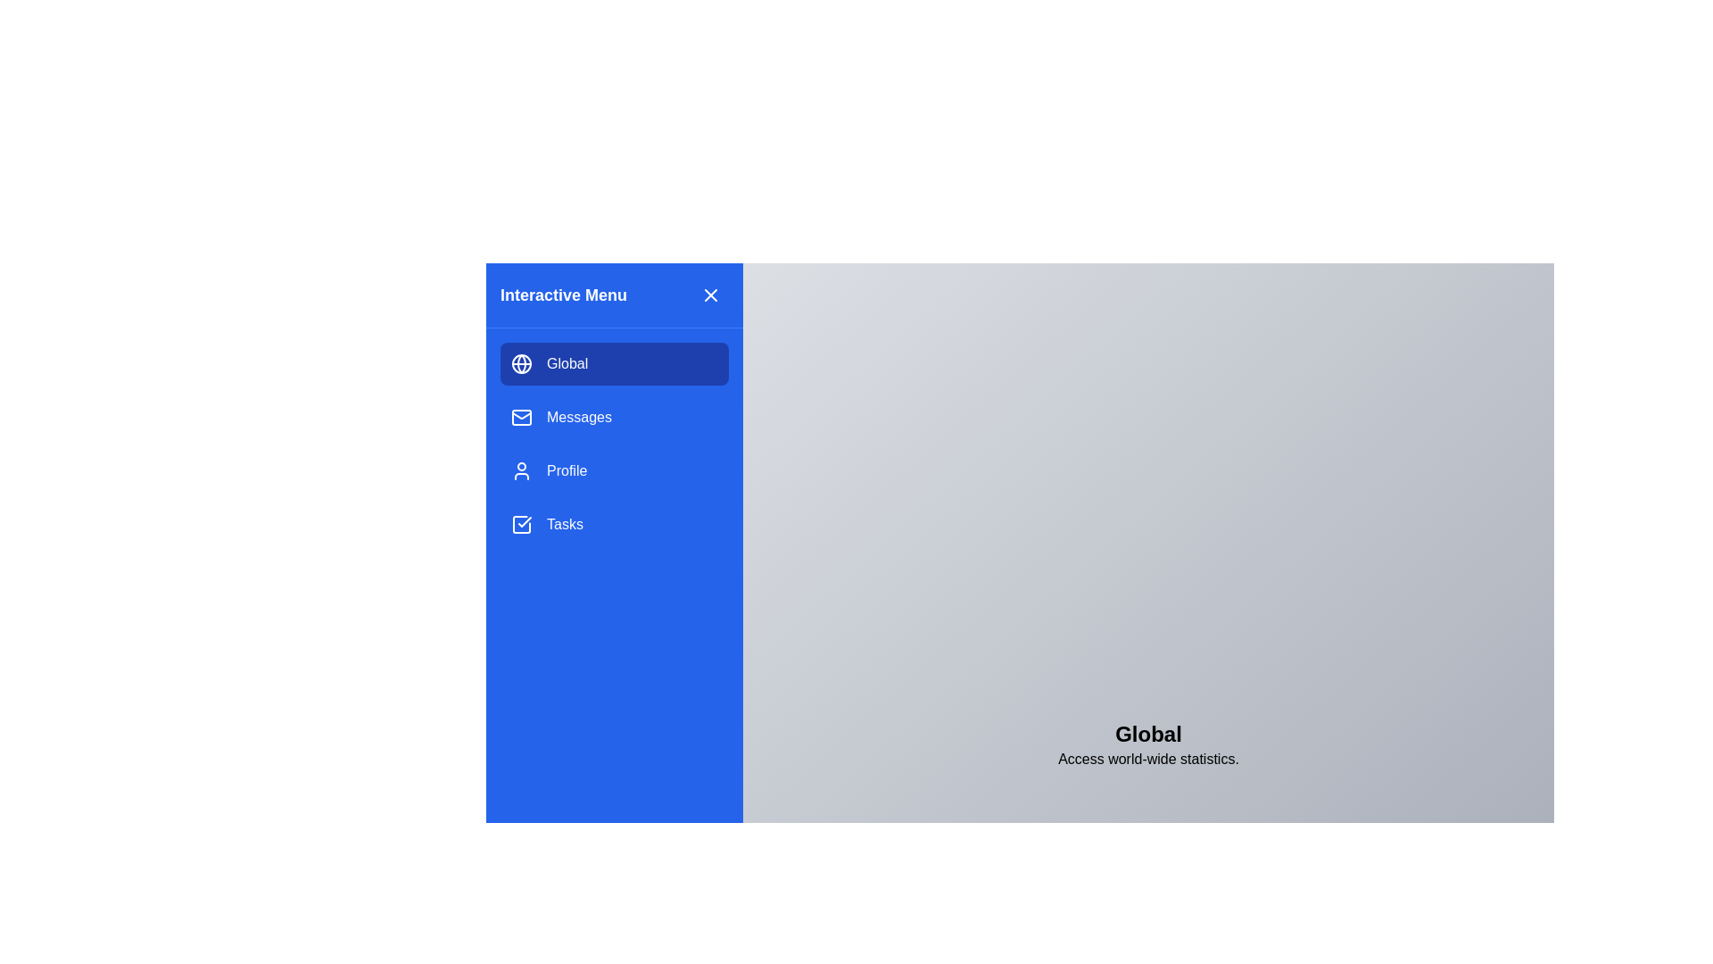 Image resolution: width=1713 pixels, height=964 pixels. What do you see at coordinates (566, 470) in the screenshot?
I see `the 'Profile' text label in the vertical navigation menu, which is styled in white and located below 'Messages' and above 'Tasks'` at bounding box center [566, 470].